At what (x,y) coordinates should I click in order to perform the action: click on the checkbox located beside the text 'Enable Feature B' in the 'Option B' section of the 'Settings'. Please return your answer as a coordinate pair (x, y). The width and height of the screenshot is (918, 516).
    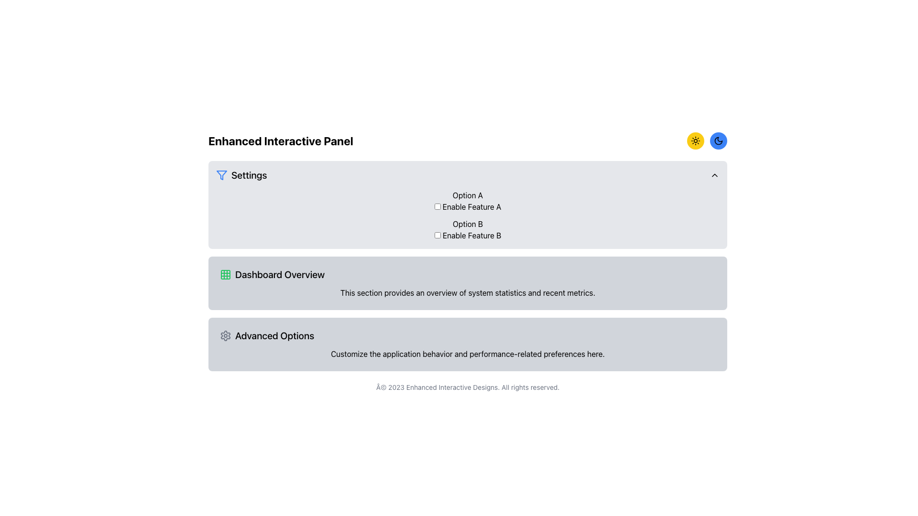
    Looking at the image, I should click on (437, 235).